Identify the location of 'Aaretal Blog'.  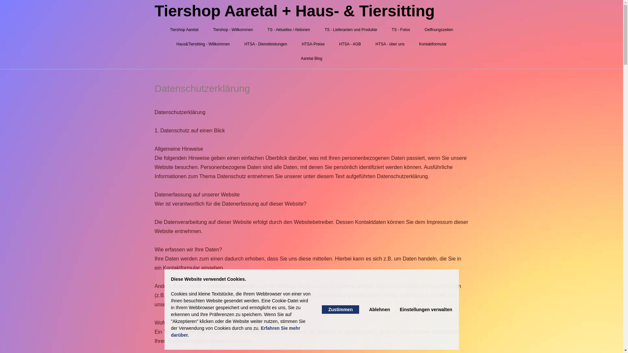
(311, 58).